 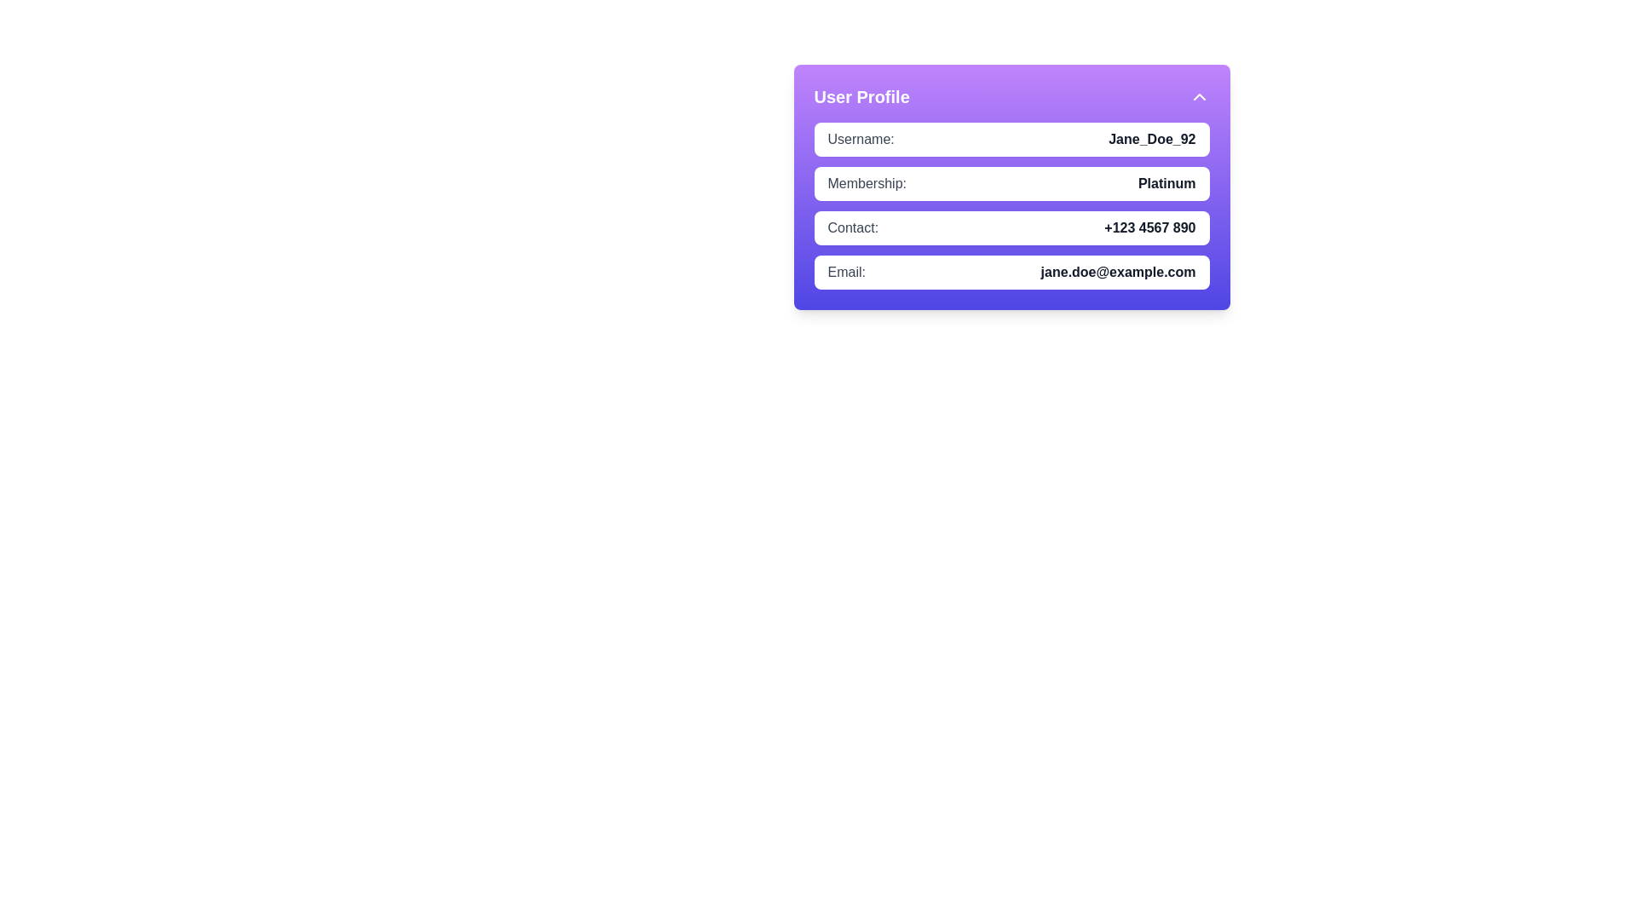 I want to click on the stylized text block displaying user information located centrally within the 'User Profile' purple card, so click(x=1011, y=205).